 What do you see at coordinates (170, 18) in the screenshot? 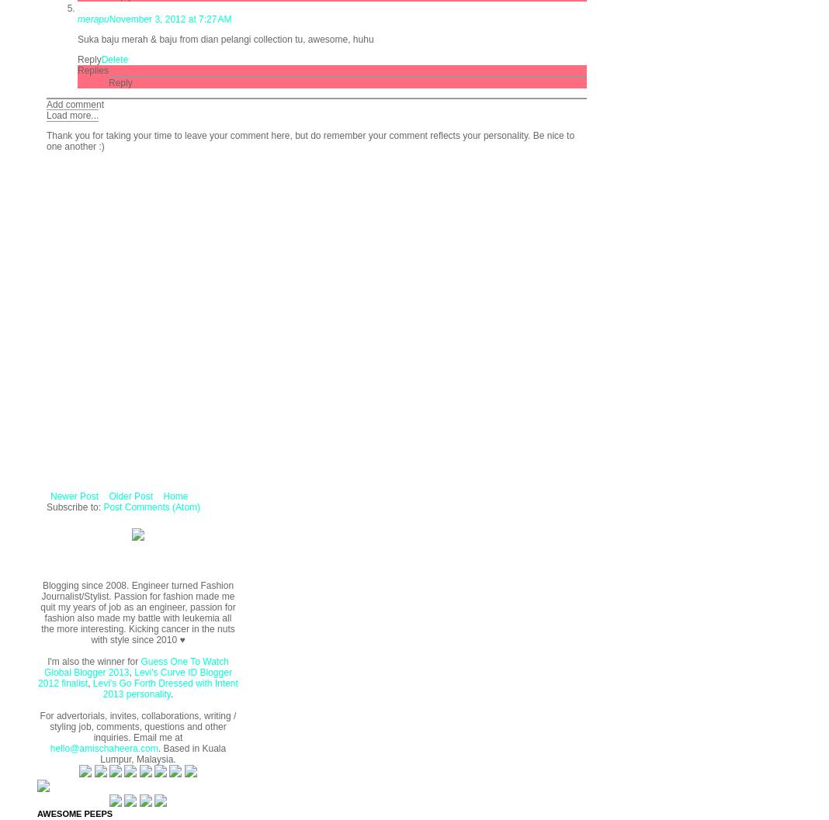
I see `'November 3, 2012 at 7:27 AM'` at bounding box center [170, 18].